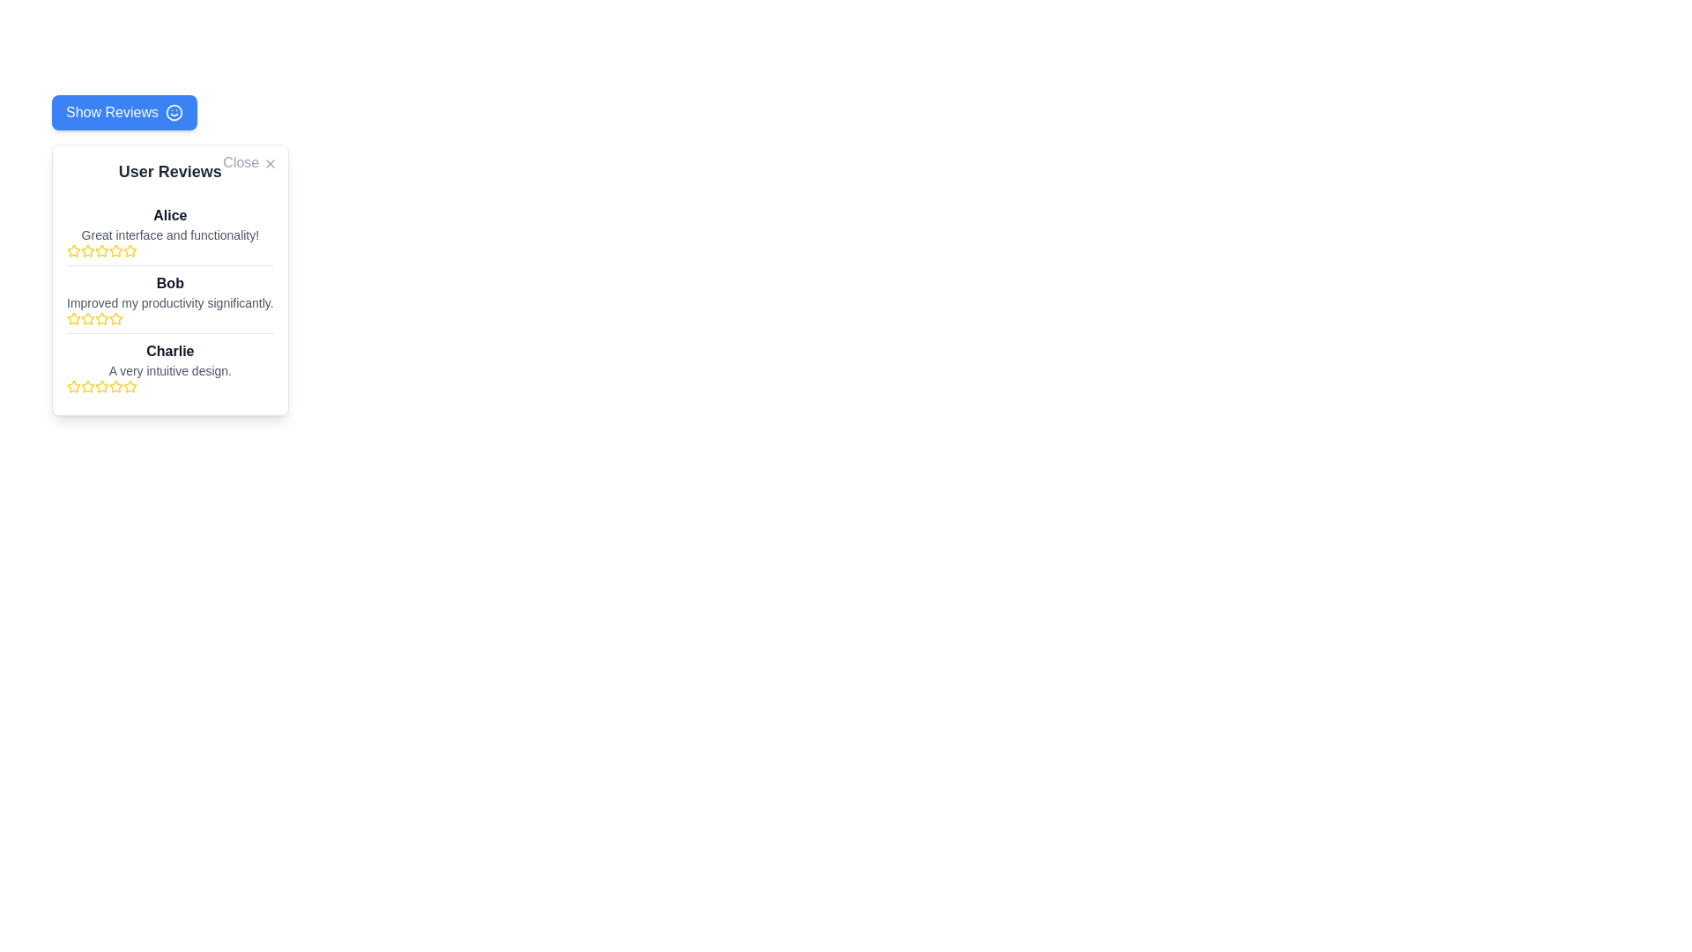  What do you see at coordinates (87, 386) in the screenshot?
I see `second rating star icon for the review from Charlie, located in the 'User Reviews' panel` at bounding box center [87, 386].